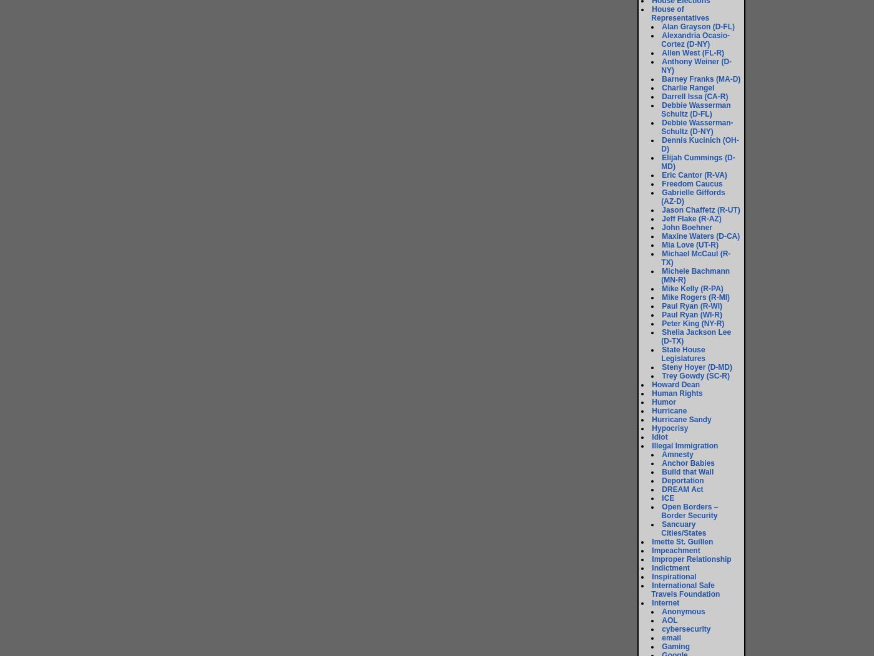 This screenshot has height=656, width=874. What do you see at coordinates (682, 489) in the screenshot?
I see `'DREAM Act'` at bounding box center [682, 489].